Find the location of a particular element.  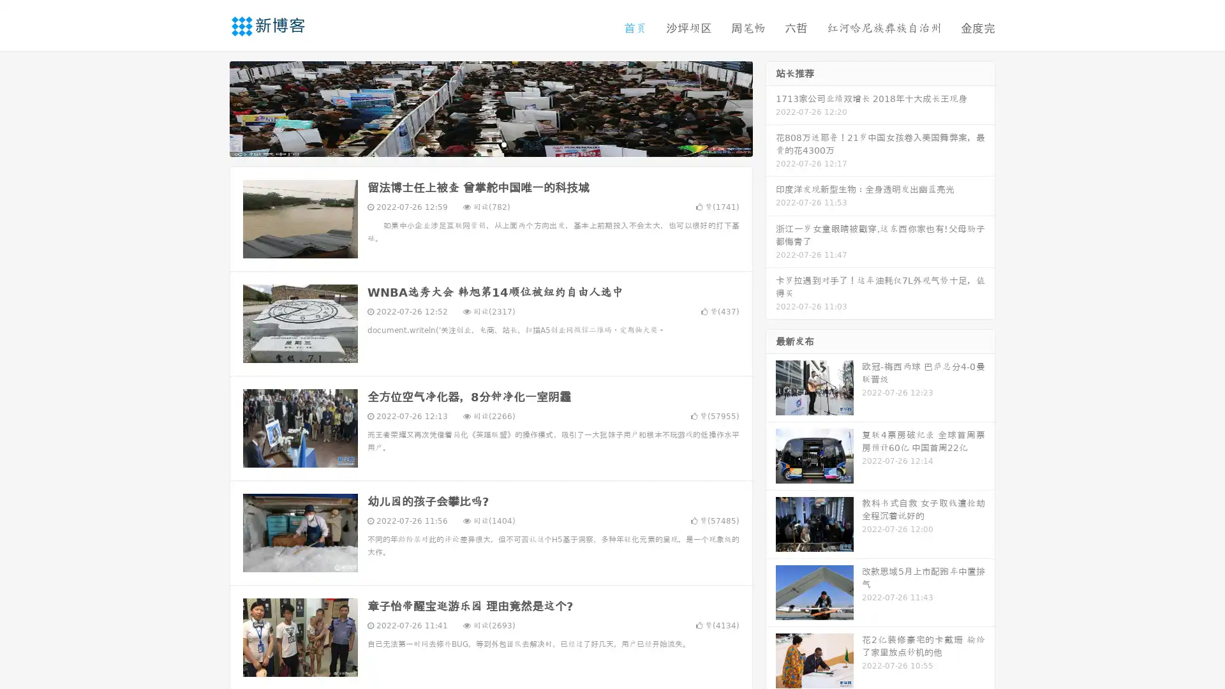

Next slide is located at coordinates (771, 107).